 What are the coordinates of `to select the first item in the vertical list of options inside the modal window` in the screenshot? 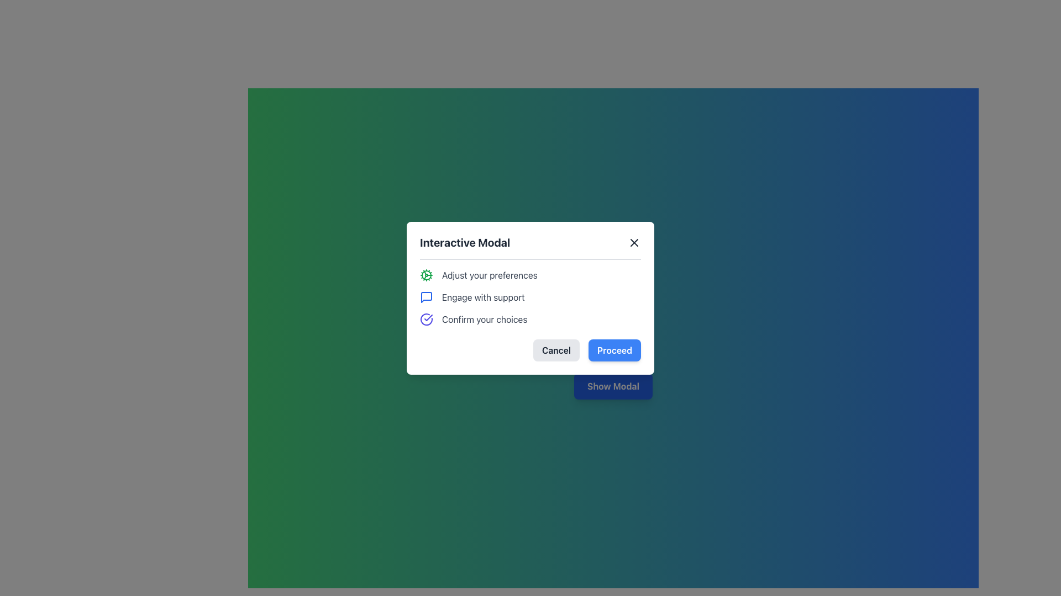 It's located at (530, 274).